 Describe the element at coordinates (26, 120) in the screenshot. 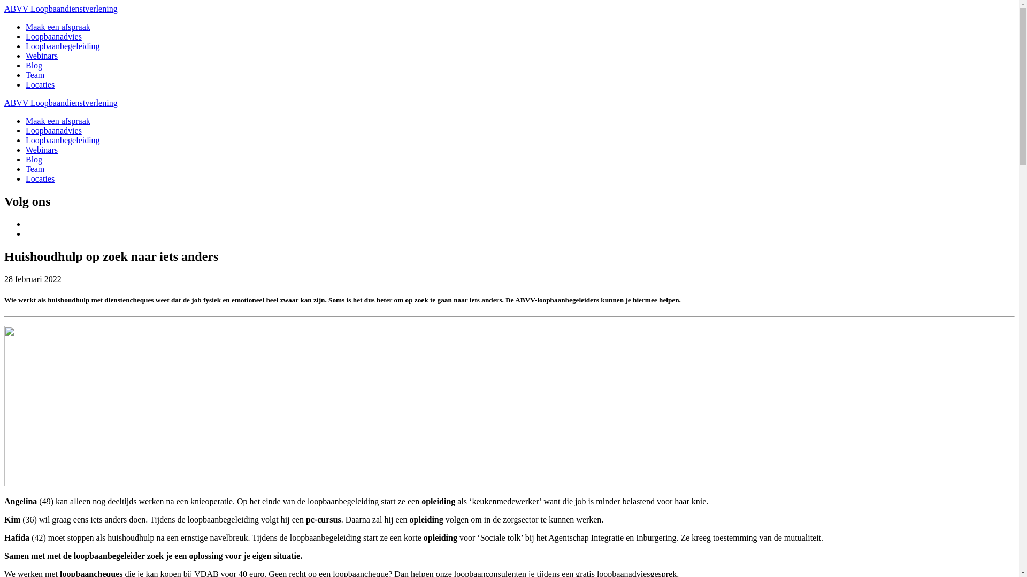

I see `'Maak een afspraak'` at that location.